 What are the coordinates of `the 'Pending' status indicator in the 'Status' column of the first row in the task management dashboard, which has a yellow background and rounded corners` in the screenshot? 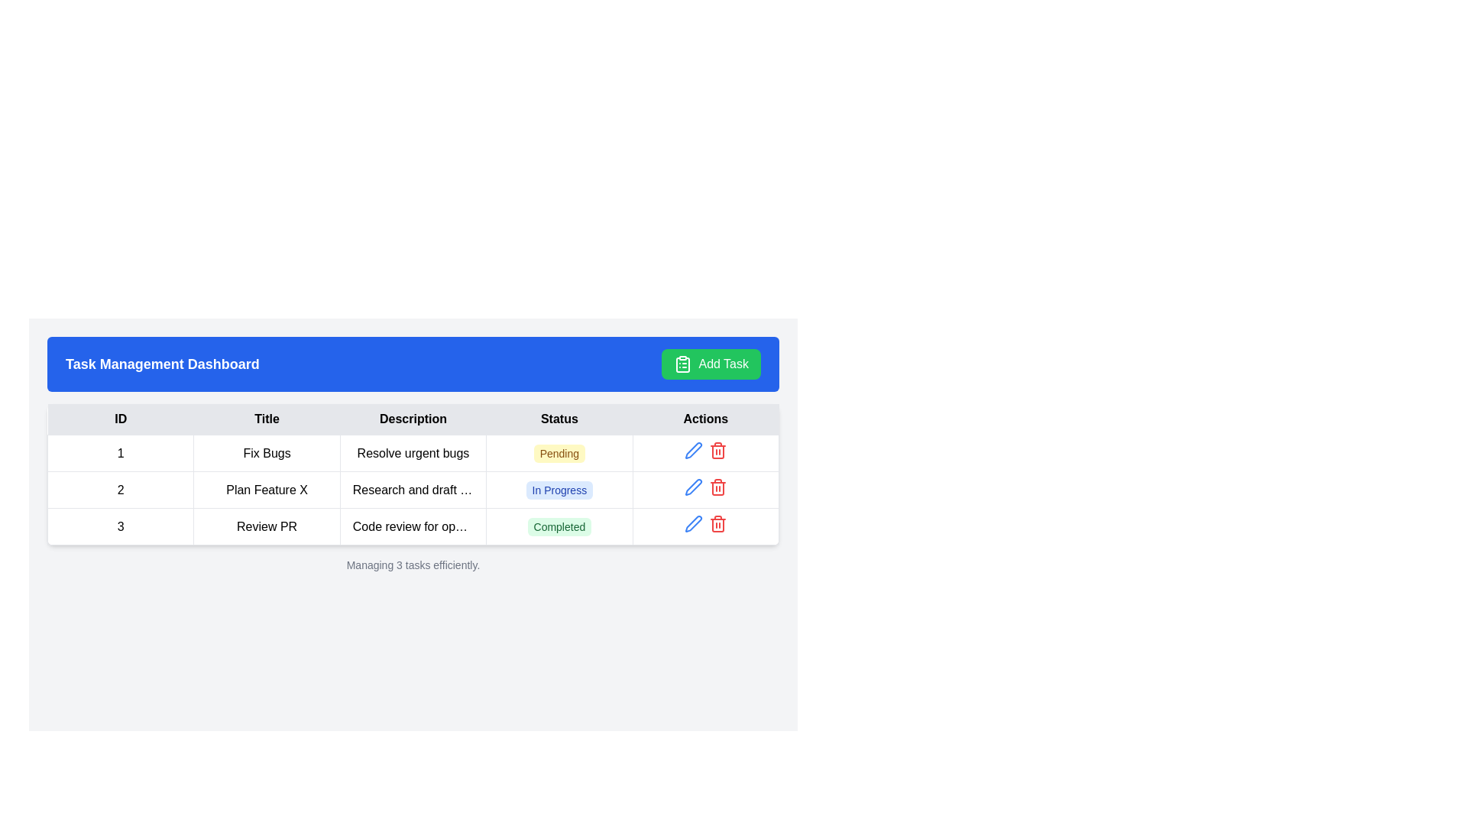 It's located at (559, 452).